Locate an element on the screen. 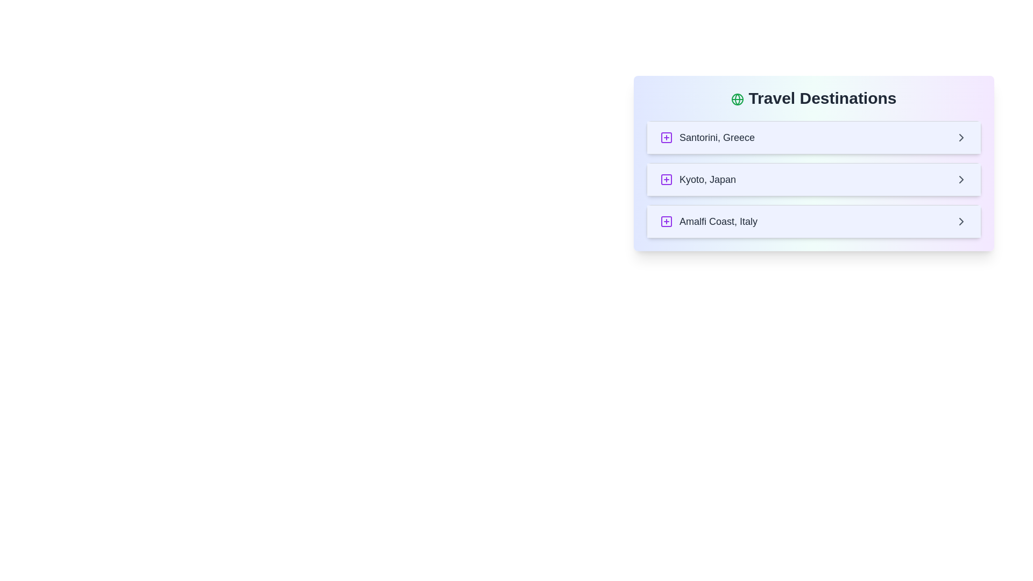 The height and width of the screenshot is (581, 1033). the text label displaying 'Amalfi Coast, Italy', which is located to the right of a purple square-plus icon in the bottom row of a vertical list of travel destinations is located at coordinates (709, 221).